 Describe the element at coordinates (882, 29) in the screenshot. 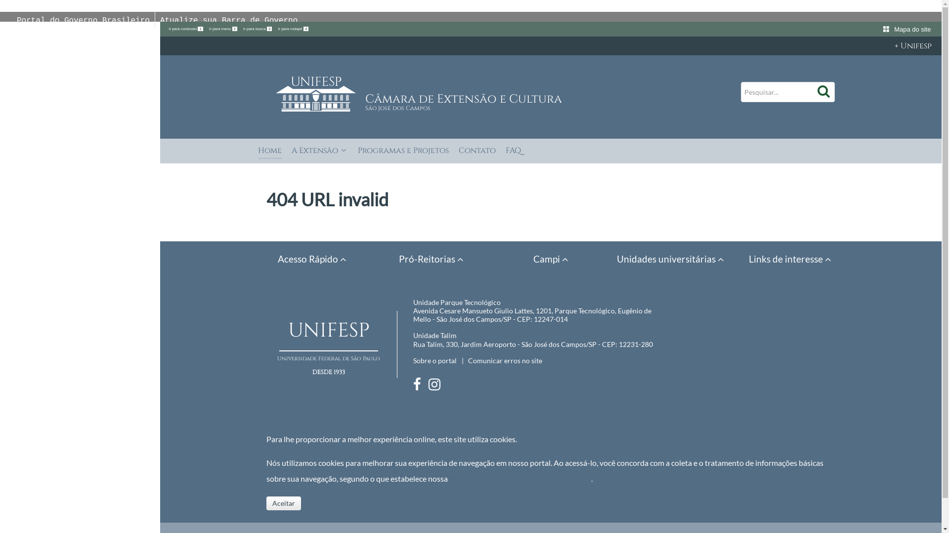

I see `' Mapa do site      '` at that location.